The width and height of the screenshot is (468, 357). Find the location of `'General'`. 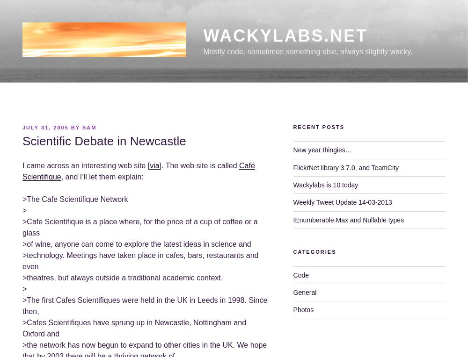

'General' is located at coordinates (305, 292).